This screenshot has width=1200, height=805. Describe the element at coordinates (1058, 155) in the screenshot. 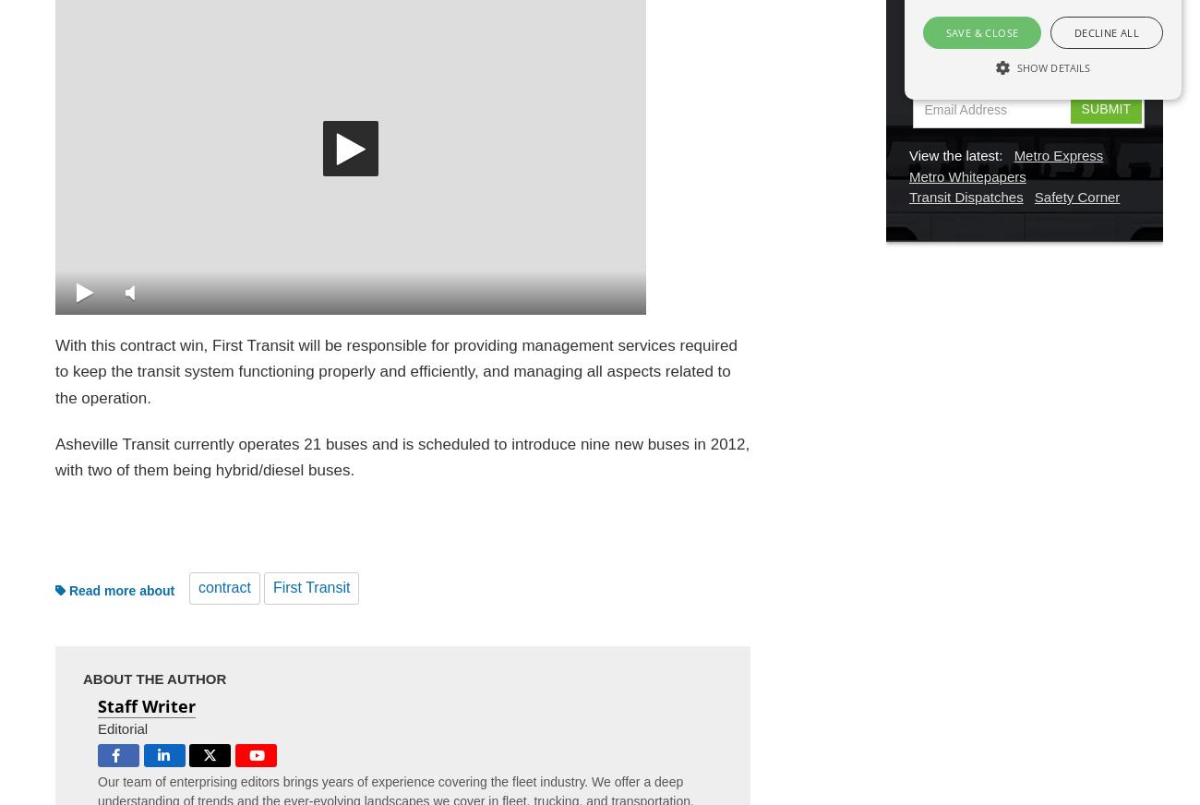

I see `'Metro Express'` at that location.